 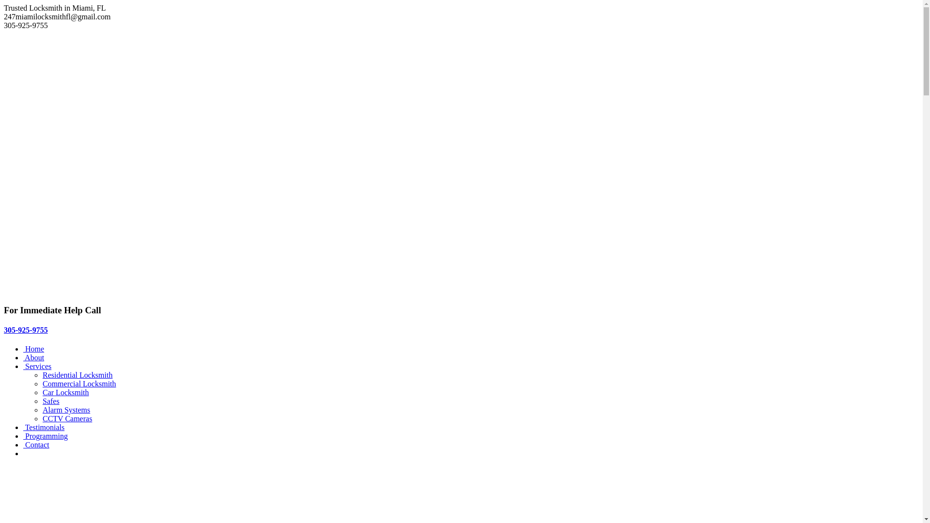 What do you see at coordinates (23, 445) in the screenshot?
I see `' Contact'` at bounding box center [23, 445].